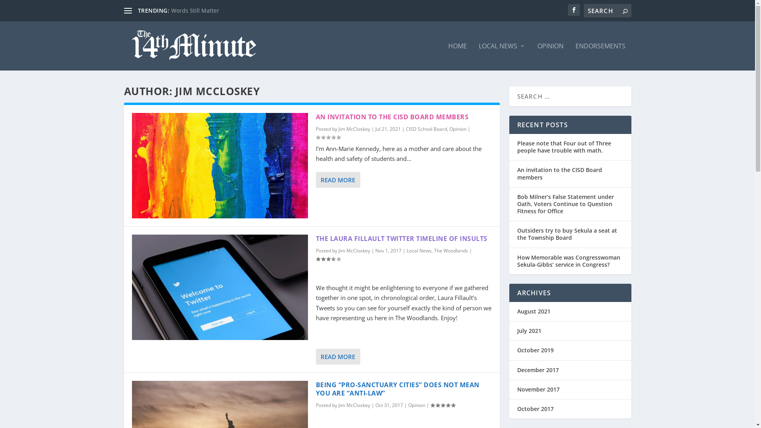  Describe the element at coordinates (537, 56) in the screenshot. I see `'OPINION'` at that location.